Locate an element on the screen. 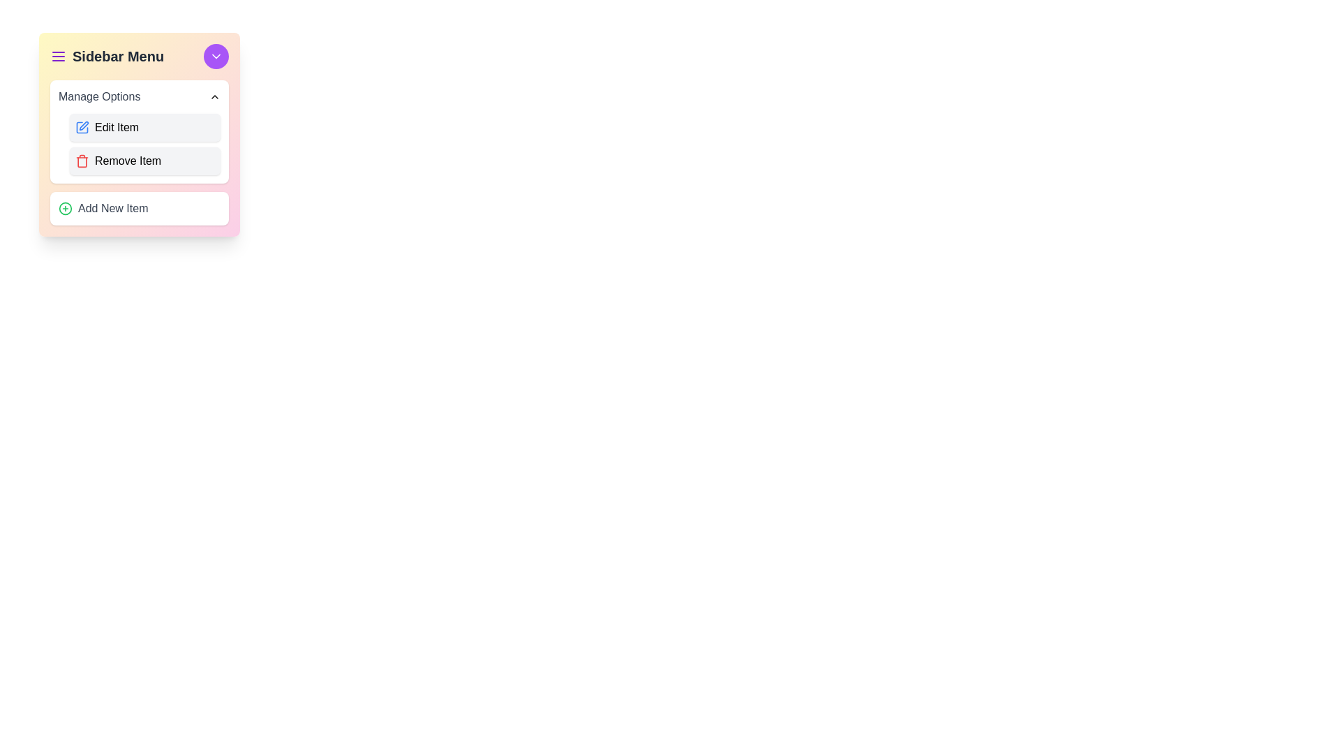 The height and width of the screenshot is (754, 1340). the edit icon located to the left of the 'Edit Item' text label in the sidebar menu for feedback is located at coordinates (82, 127).